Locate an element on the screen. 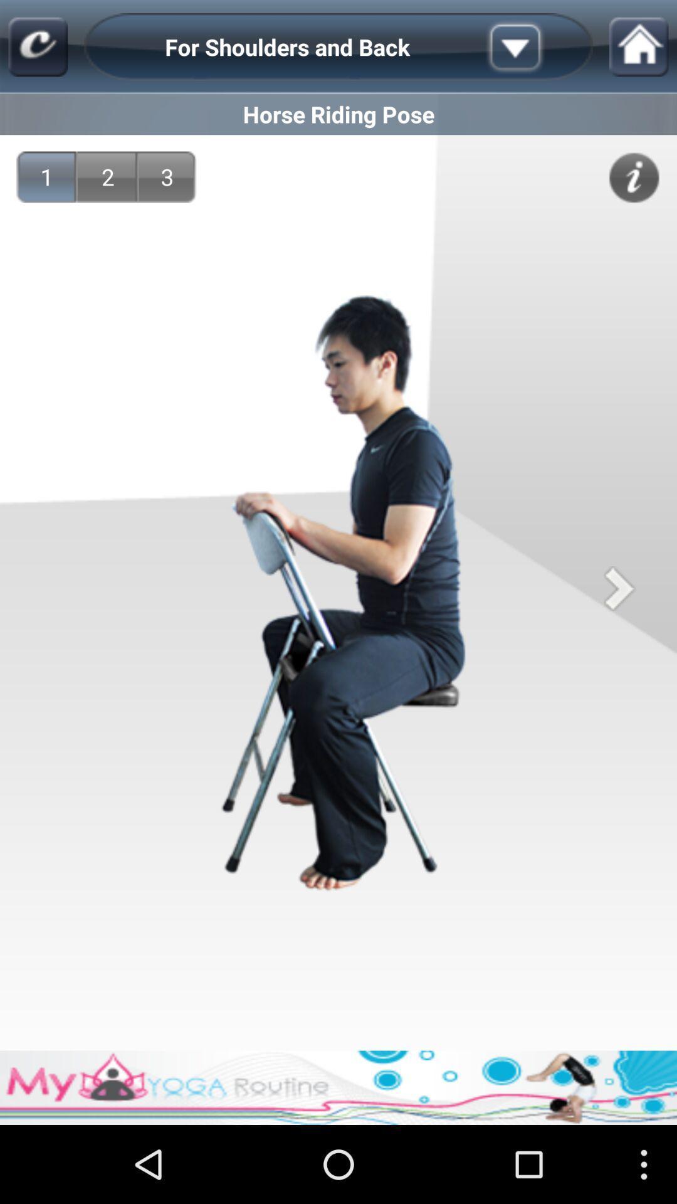 Image resolution: width=677 pixels, height=1204 pixels. the item below horse riding pose item is located at coordinates (167, 176).